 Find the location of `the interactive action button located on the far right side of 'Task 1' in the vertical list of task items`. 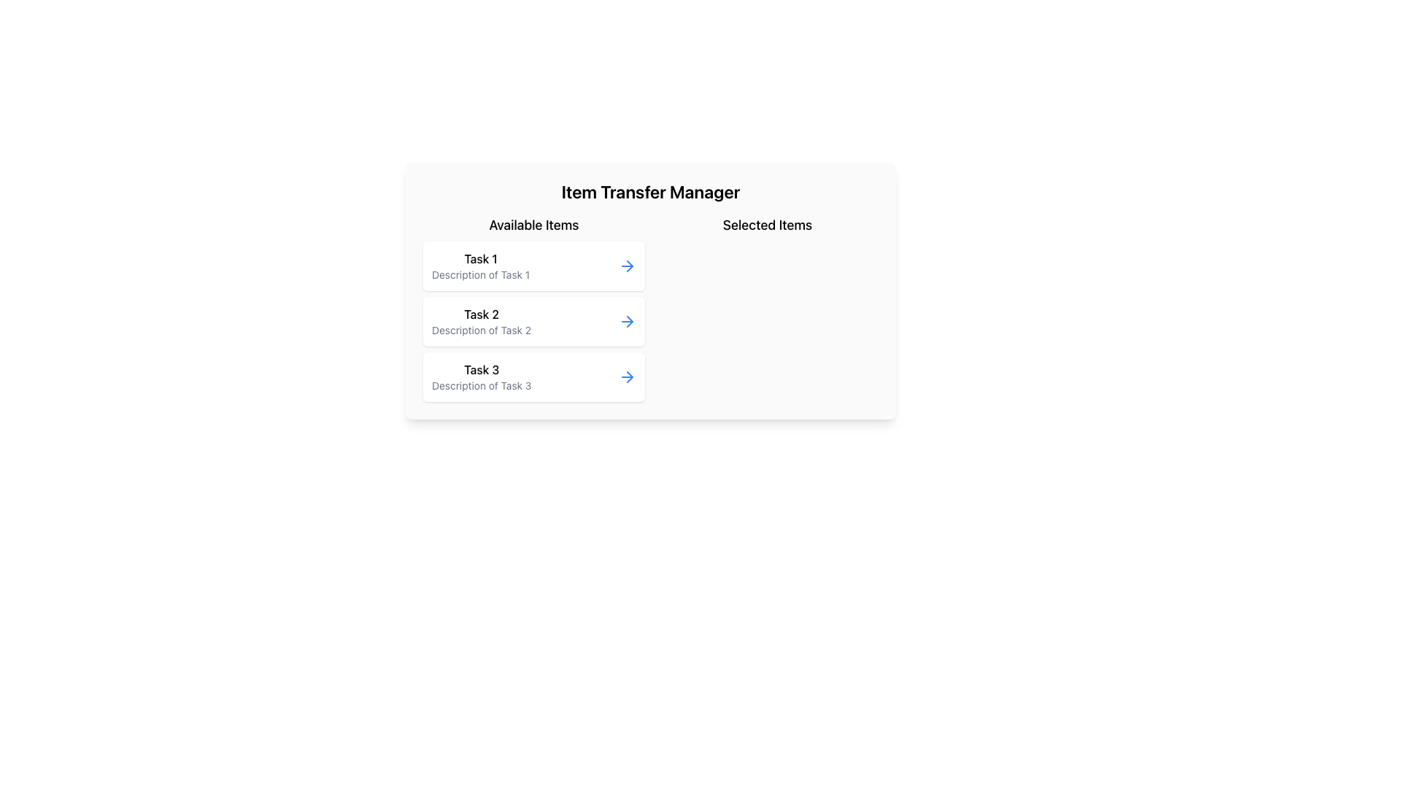

the interactive action button located on the far right side of 'Task 1' in the vertical list of task items is located at coordinates (627, 266).